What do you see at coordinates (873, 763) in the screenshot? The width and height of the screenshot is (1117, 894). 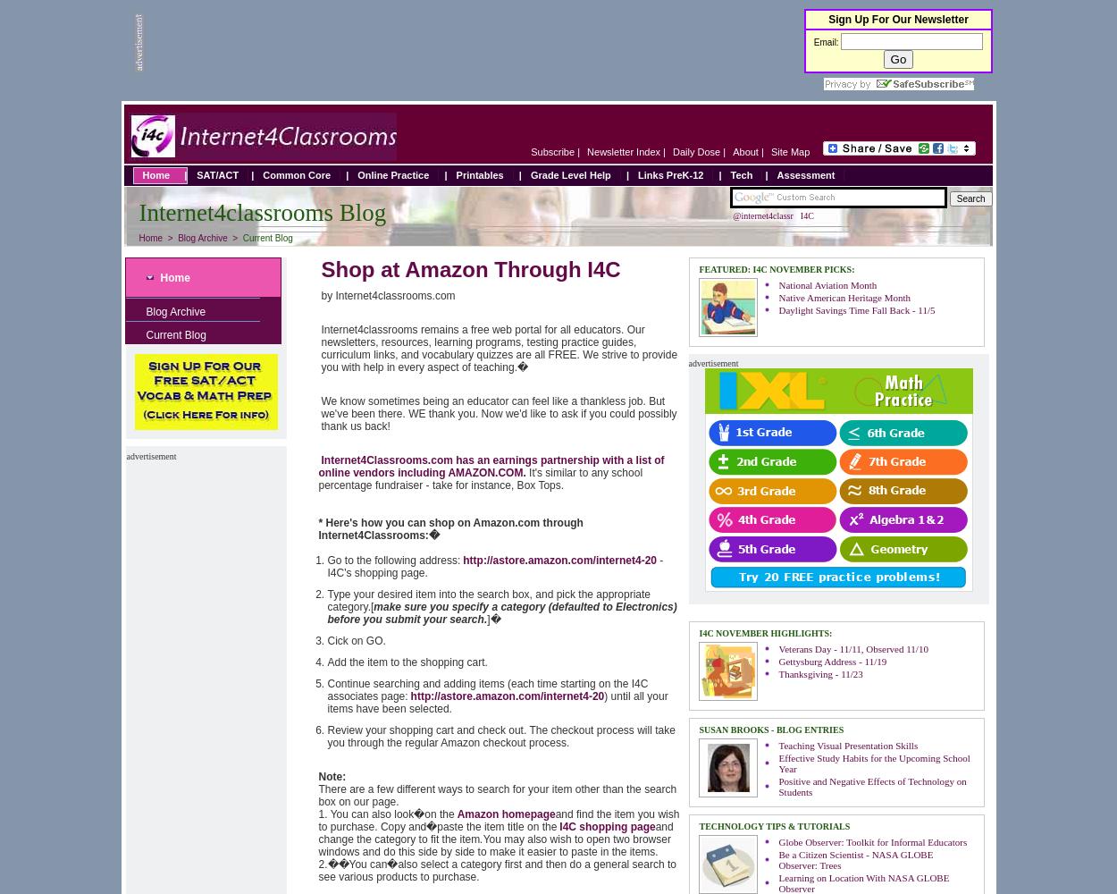 I see `'Effective Study Habits for the Upcoming School Year'` at bounding box center [873, 763].